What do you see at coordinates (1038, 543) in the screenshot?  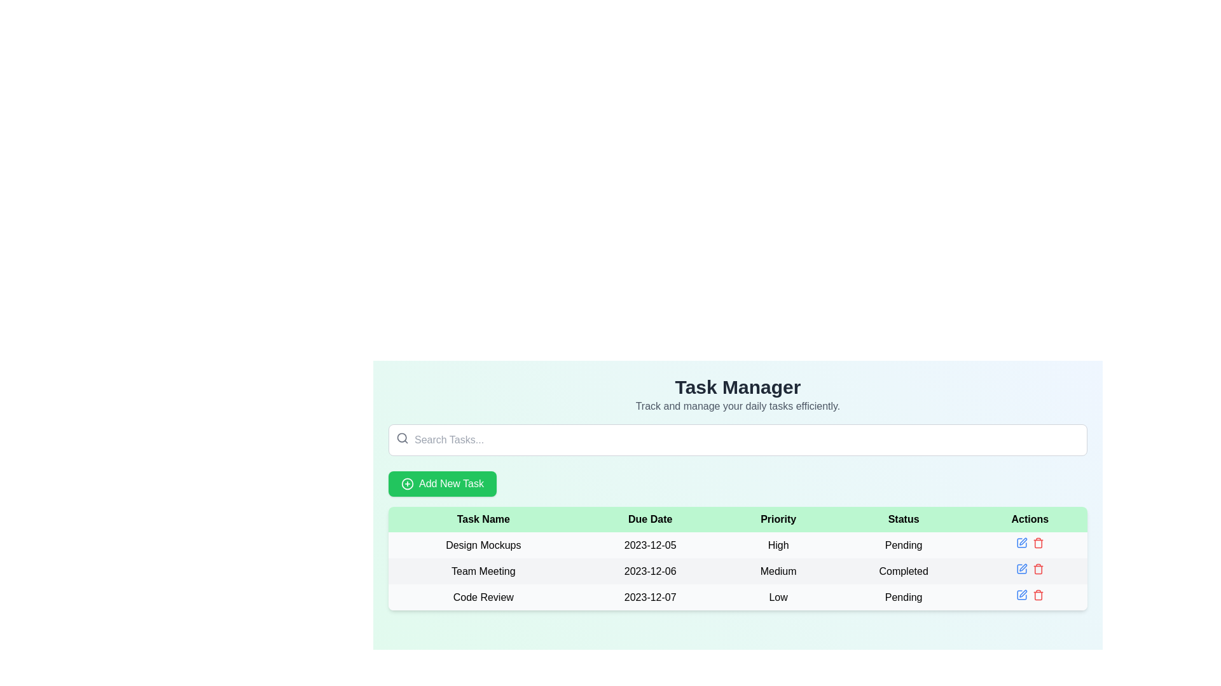 I see `the red trash icon button located` at bounding box center [1038, 543].